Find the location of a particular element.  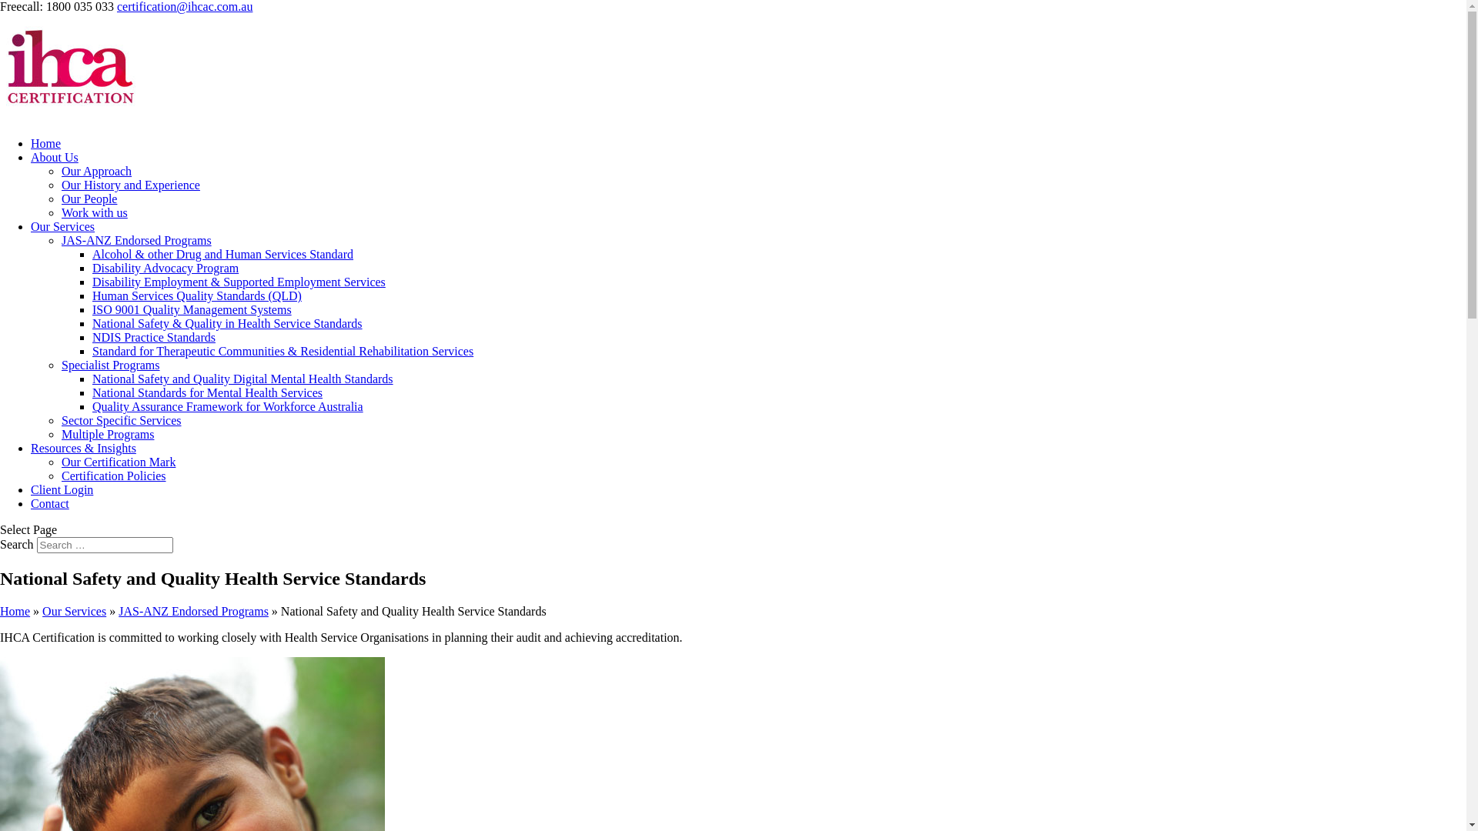

'Our Approach' is located at coordinates (95, 171).